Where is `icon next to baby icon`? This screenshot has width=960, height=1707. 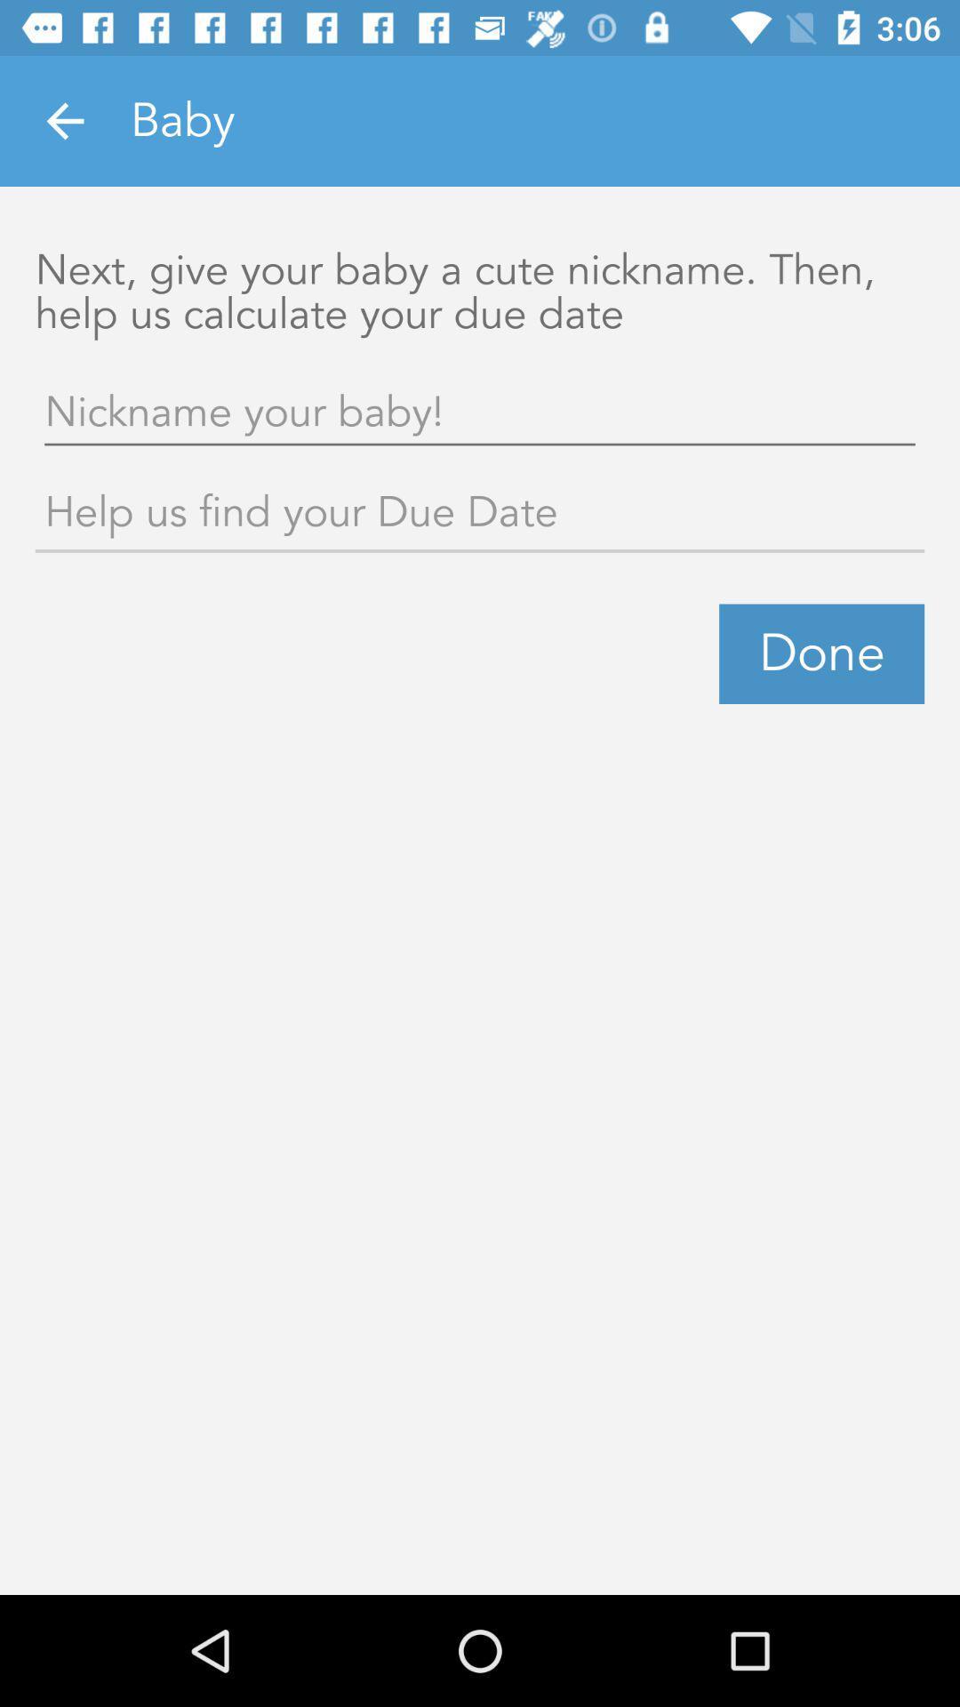 icon next to baby icon is located at coordinates (64, 120).